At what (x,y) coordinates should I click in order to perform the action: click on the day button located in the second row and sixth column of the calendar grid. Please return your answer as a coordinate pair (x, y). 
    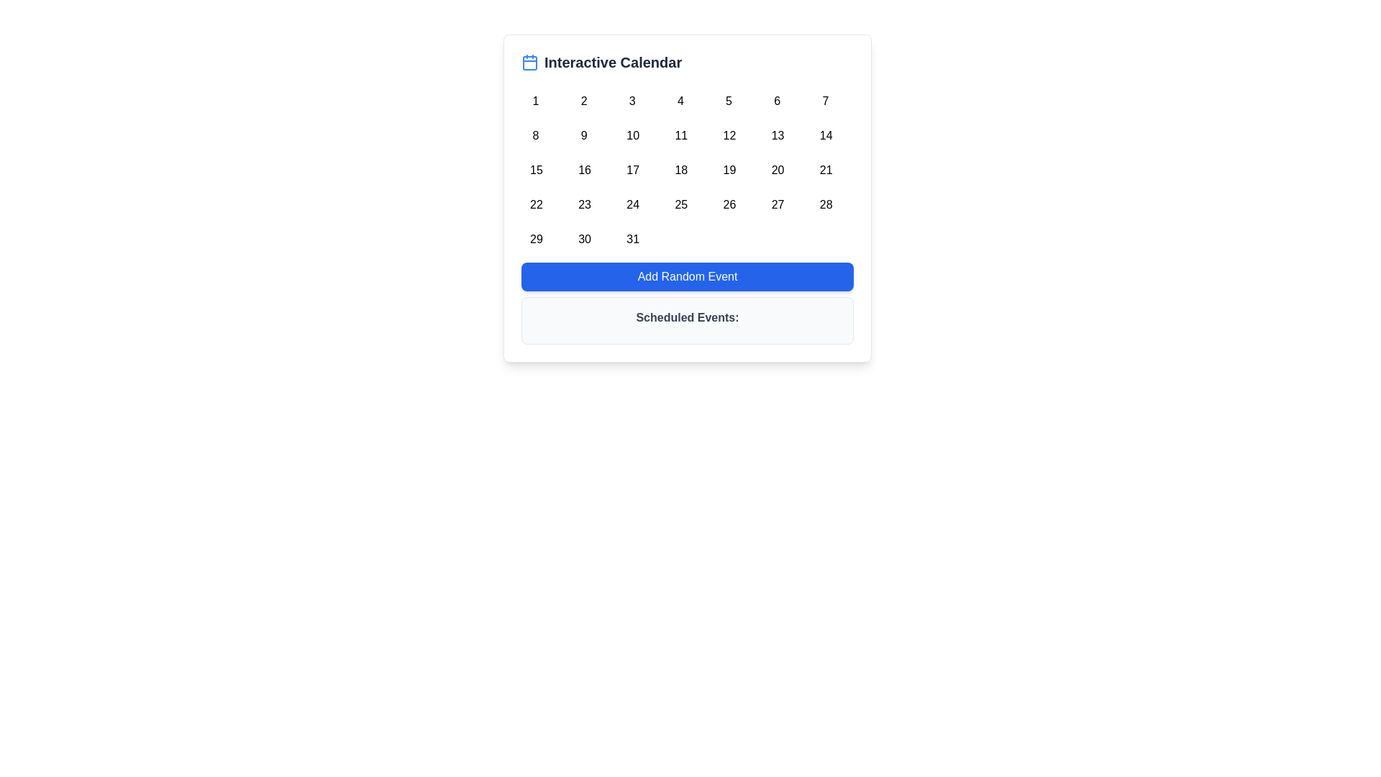
    Looking at the image, I should click on (776, 133).